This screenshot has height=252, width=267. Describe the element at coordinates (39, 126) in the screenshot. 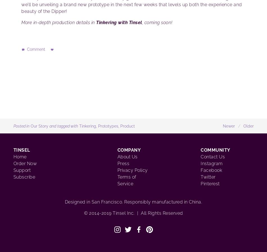

I see `'Our Story'` at that location.